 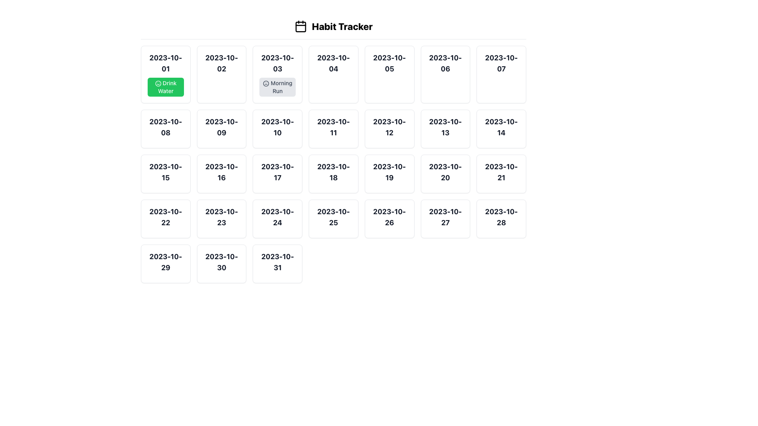 I want to click on the calendar icon located to the left of the 'Habit Tracker' text, which visually represents the application's purpose of tracking dates or events, so click(x=300, y=26).